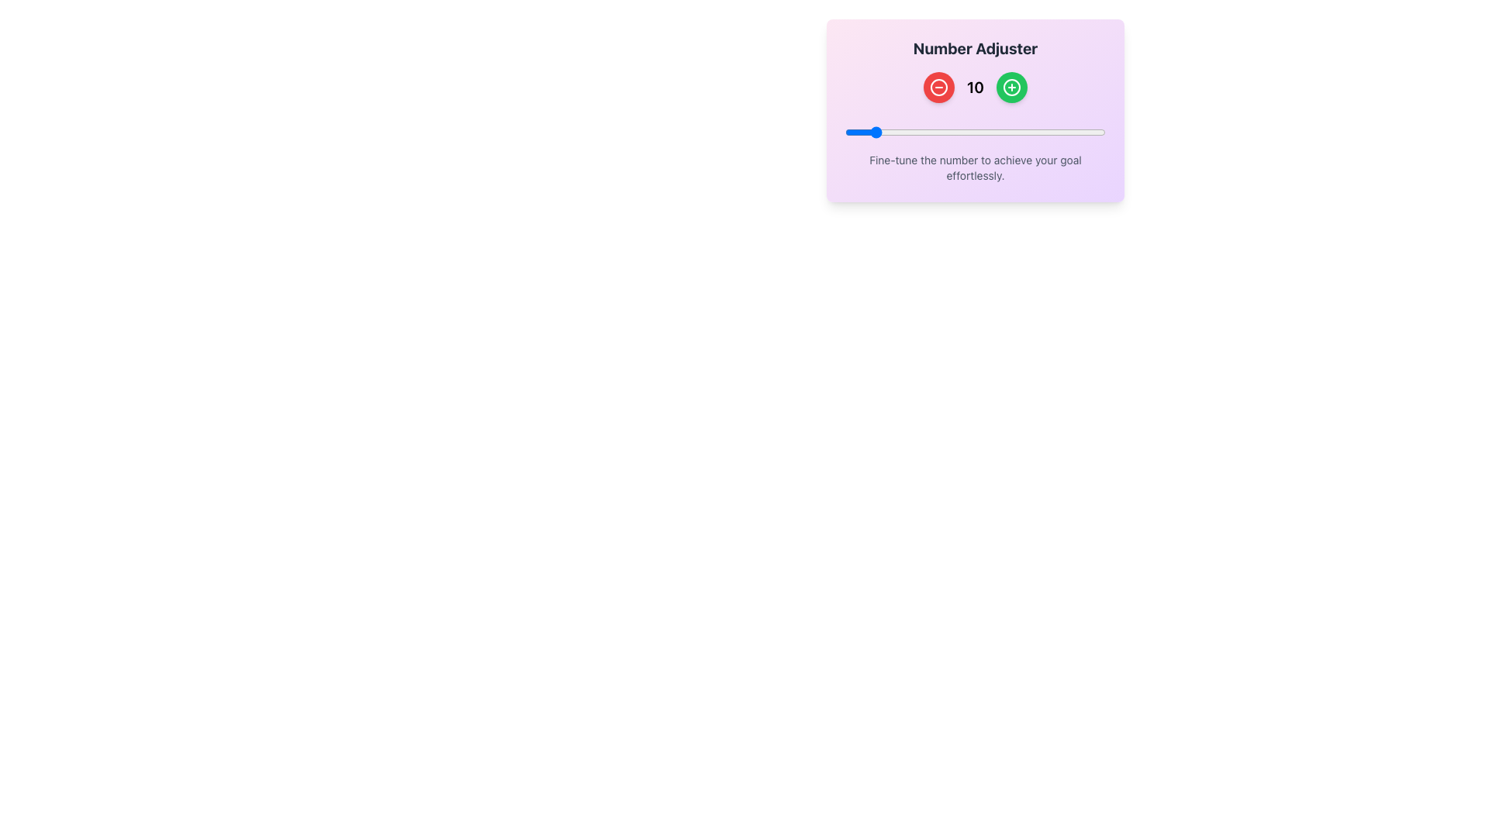  I want to click on the circular red button with a white minus symbol to decrement the number, so click(938, 87).